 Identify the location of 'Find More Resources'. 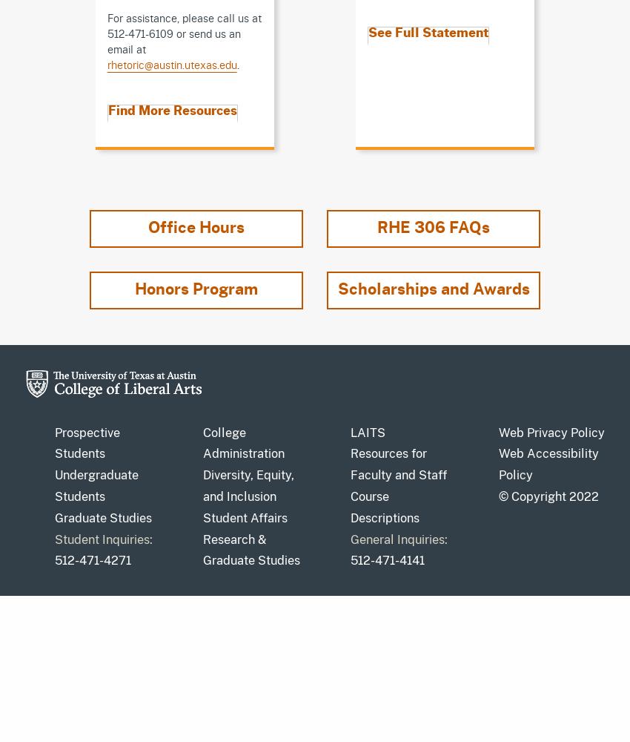
(171, 111).